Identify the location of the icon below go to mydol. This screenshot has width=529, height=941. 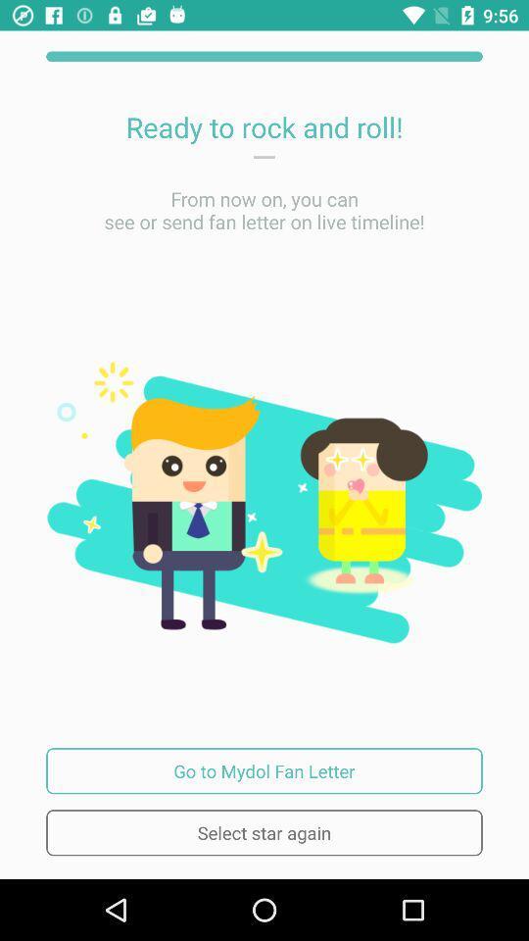
(264, 831).